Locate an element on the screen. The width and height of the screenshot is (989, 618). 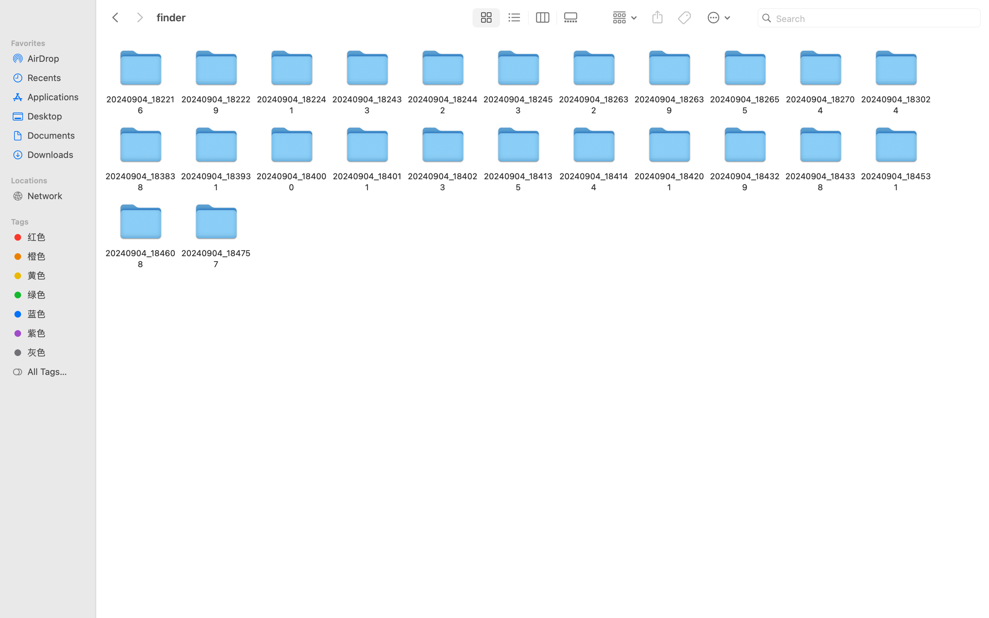
'Favorites' is located at coordinates (51, 42).